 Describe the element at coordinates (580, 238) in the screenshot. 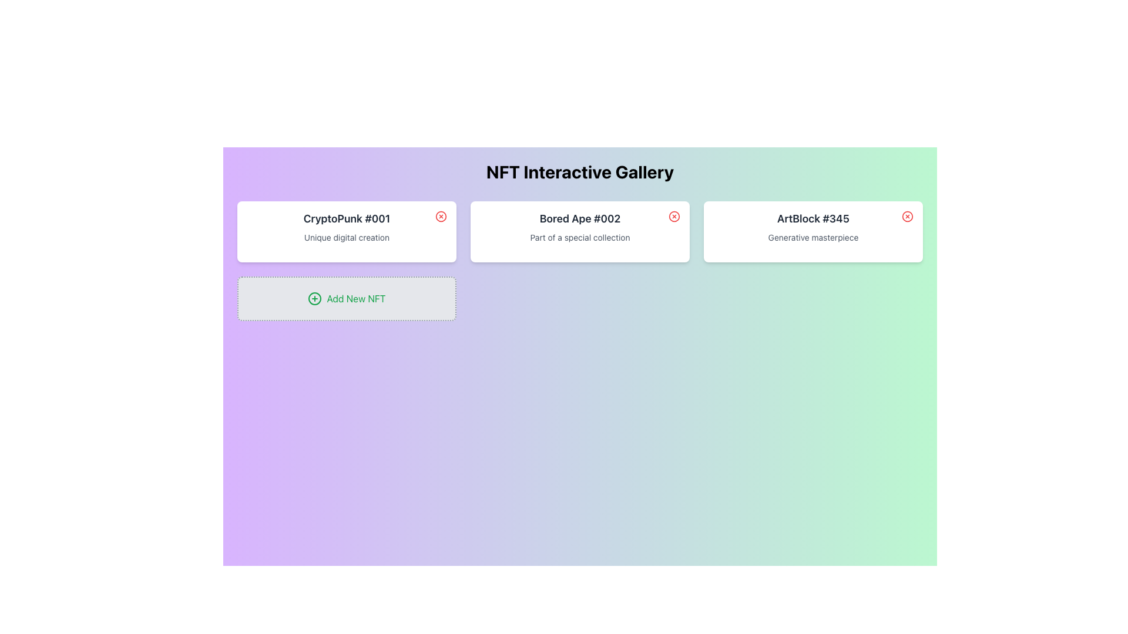

I see `the text block that contains the phrase 'Part of a special collection.' which is styled with a smaller font size and gray color, and is positioned below the title text in the card for 'Bored Ape #002.'` at that location.